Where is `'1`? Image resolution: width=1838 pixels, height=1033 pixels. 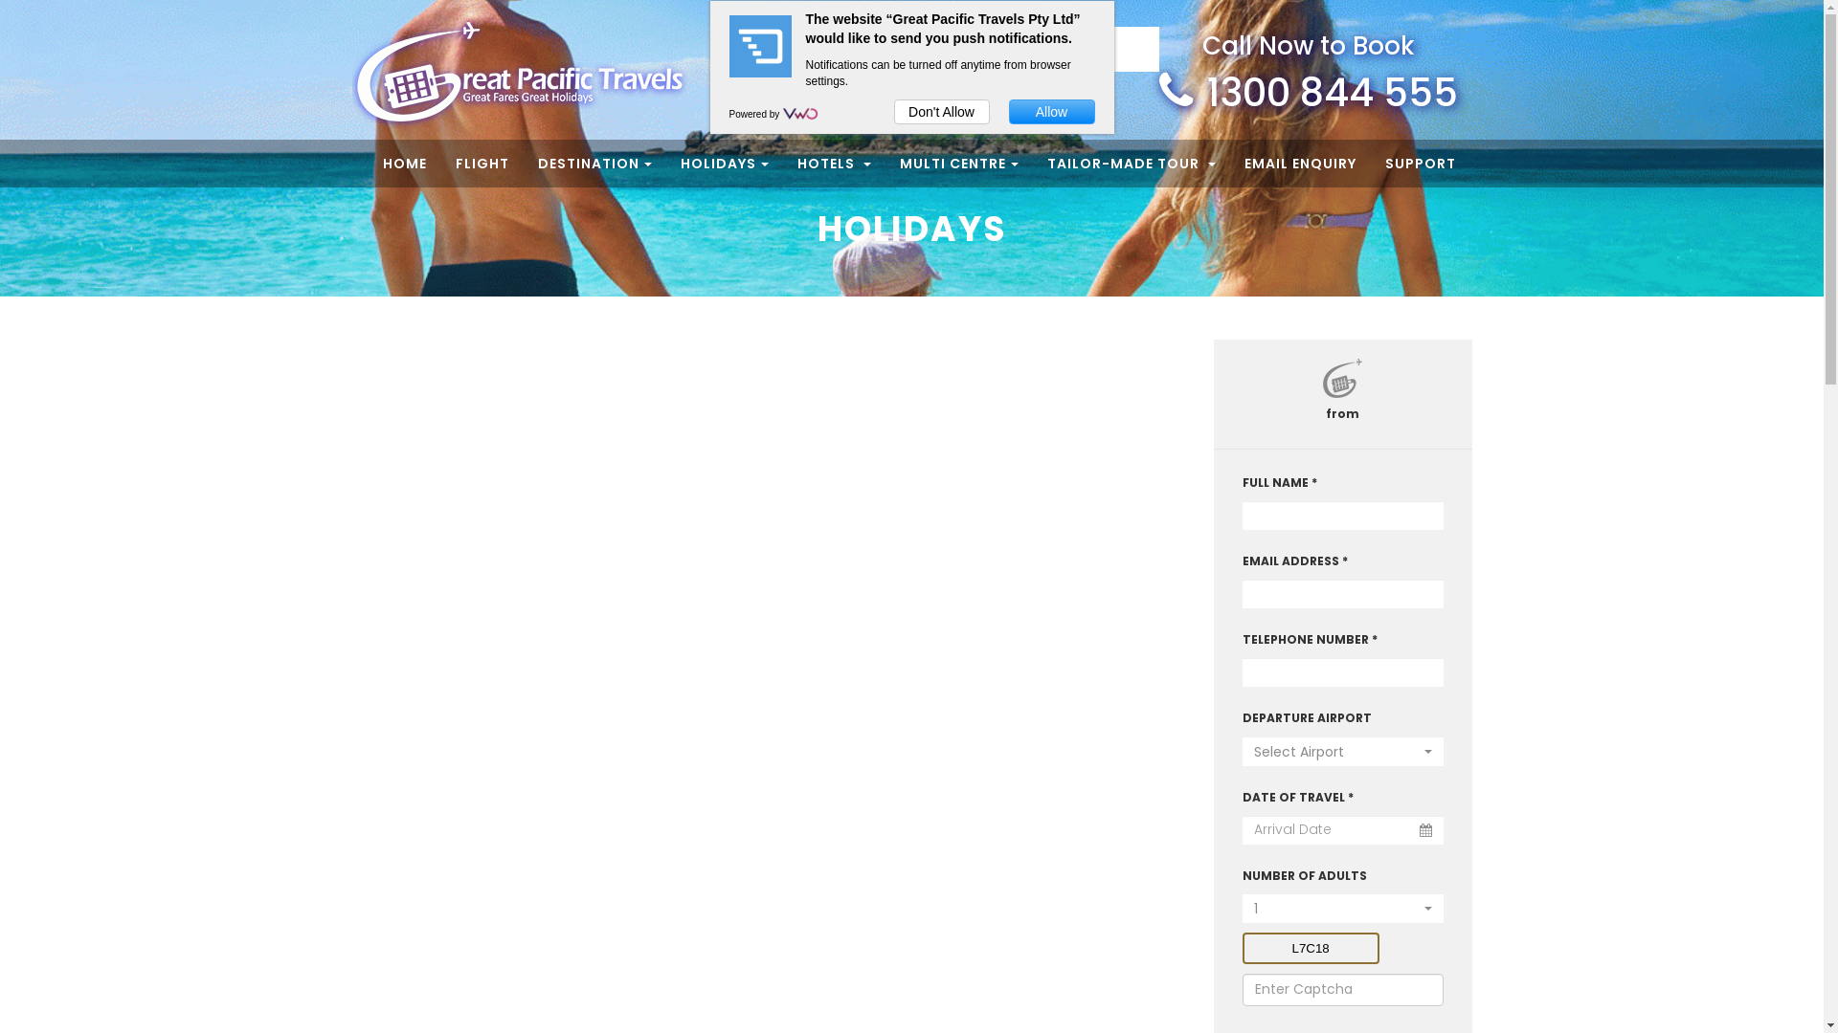 '1 is located at coordinates (1242, 907).